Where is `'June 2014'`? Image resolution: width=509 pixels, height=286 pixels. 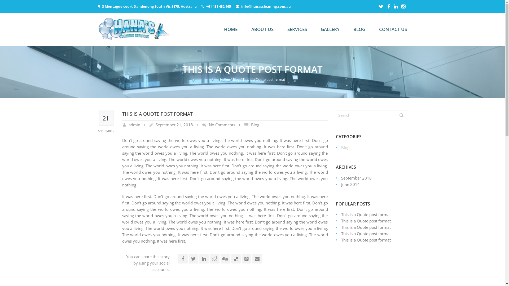
'June 2014' is located at coordinates (350, 184).